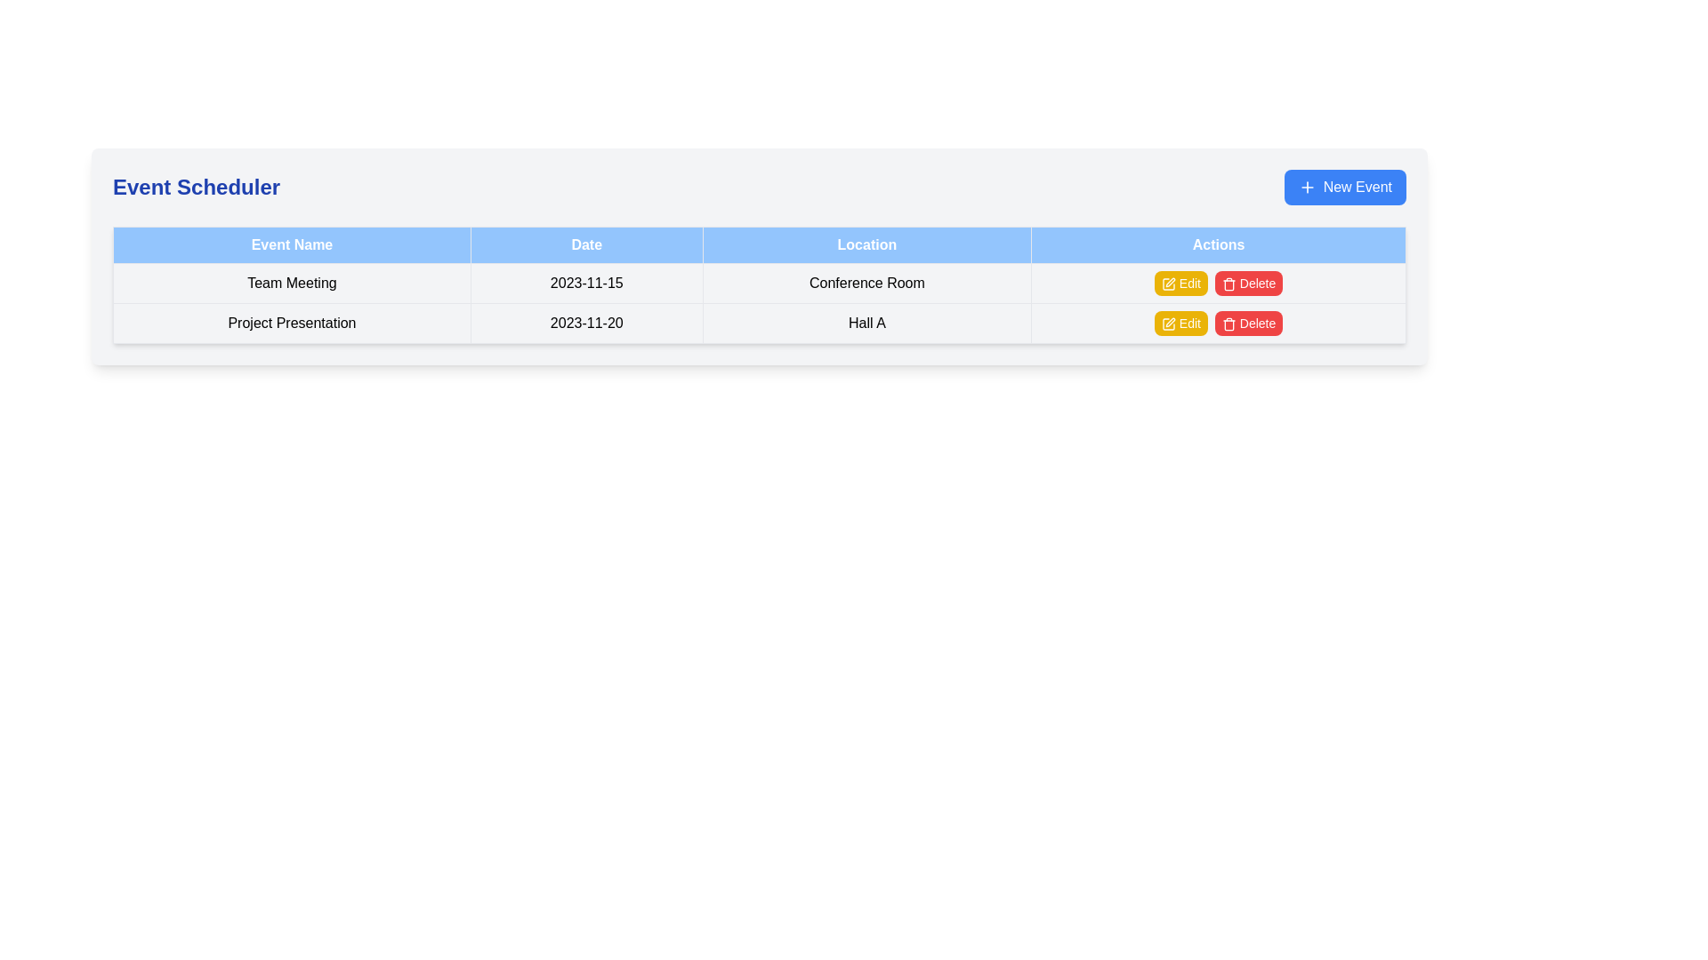 Image resolution: width=1708 pixels, height=960 pixels. What do you see at coordinates (1229, 324) in the screenshot?
I see `the delete action icon located within the 'Delete' button of the 'Actions' column for the second row of the table, which corresponds to the 'Project Presentation' entry` at bounding box center [1229, 324].